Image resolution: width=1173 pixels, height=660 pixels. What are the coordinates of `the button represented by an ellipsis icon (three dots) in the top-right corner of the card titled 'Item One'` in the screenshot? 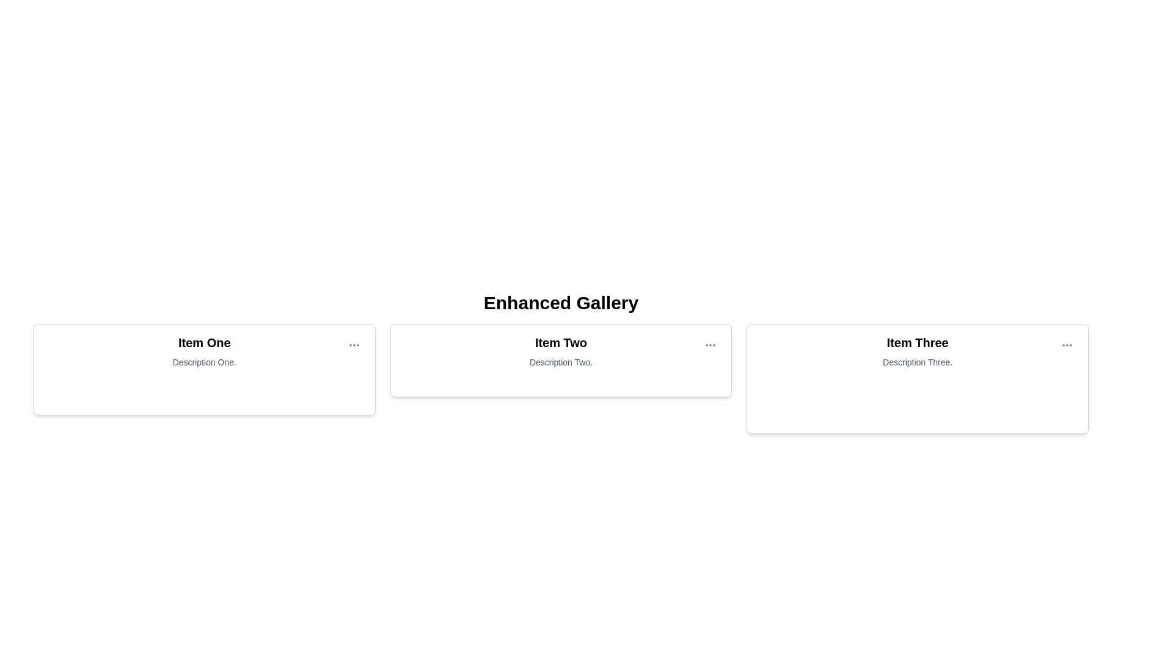 It's located at (353, 345).